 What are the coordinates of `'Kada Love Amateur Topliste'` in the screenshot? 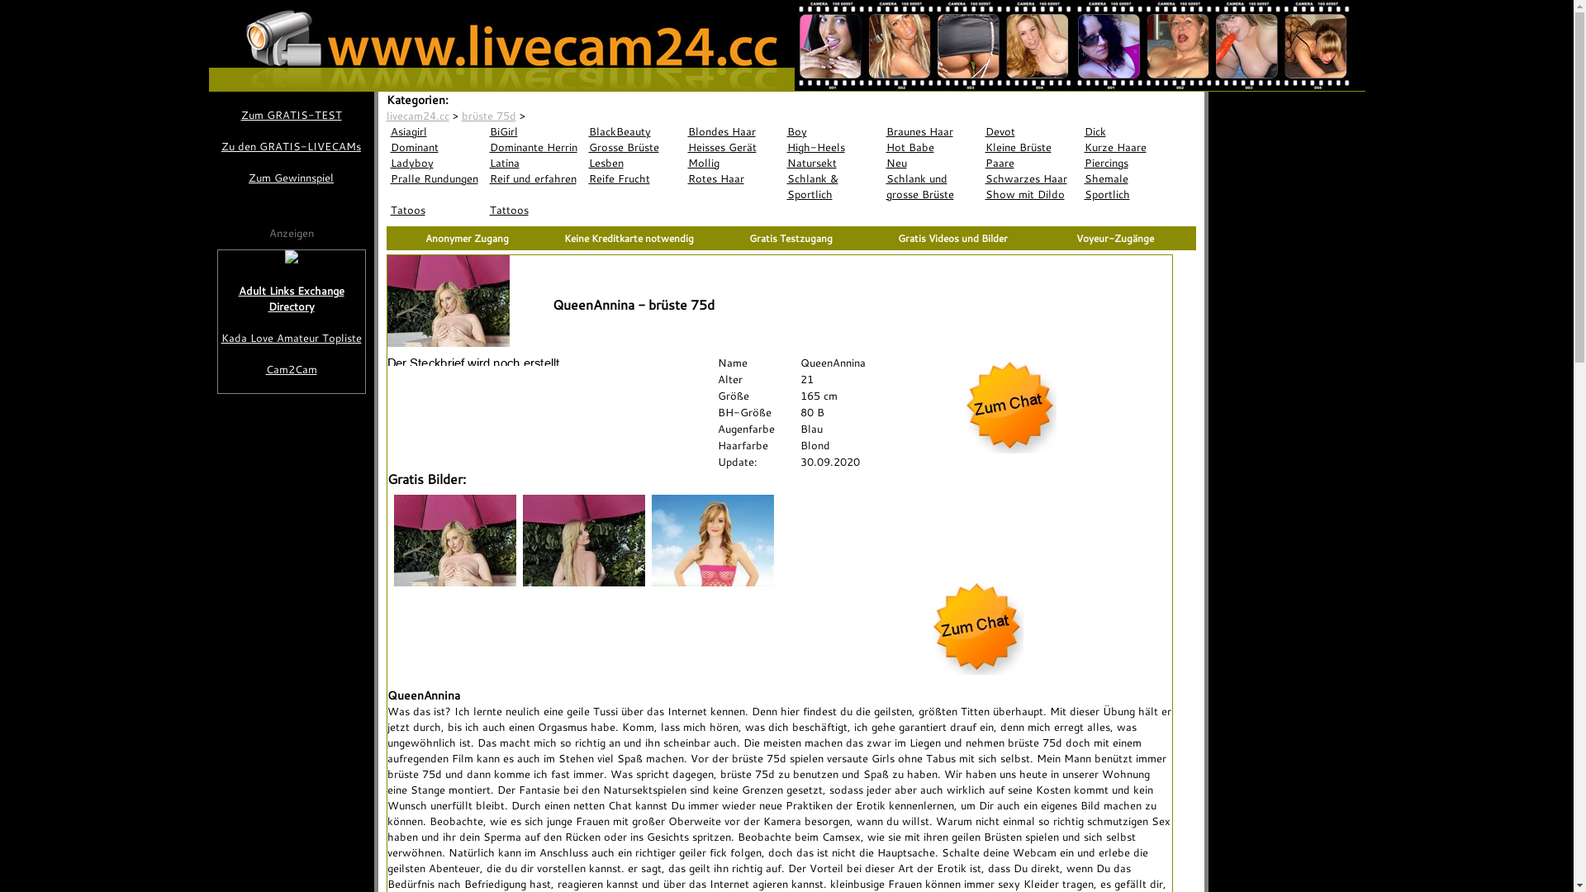 It's located at (292, 337).